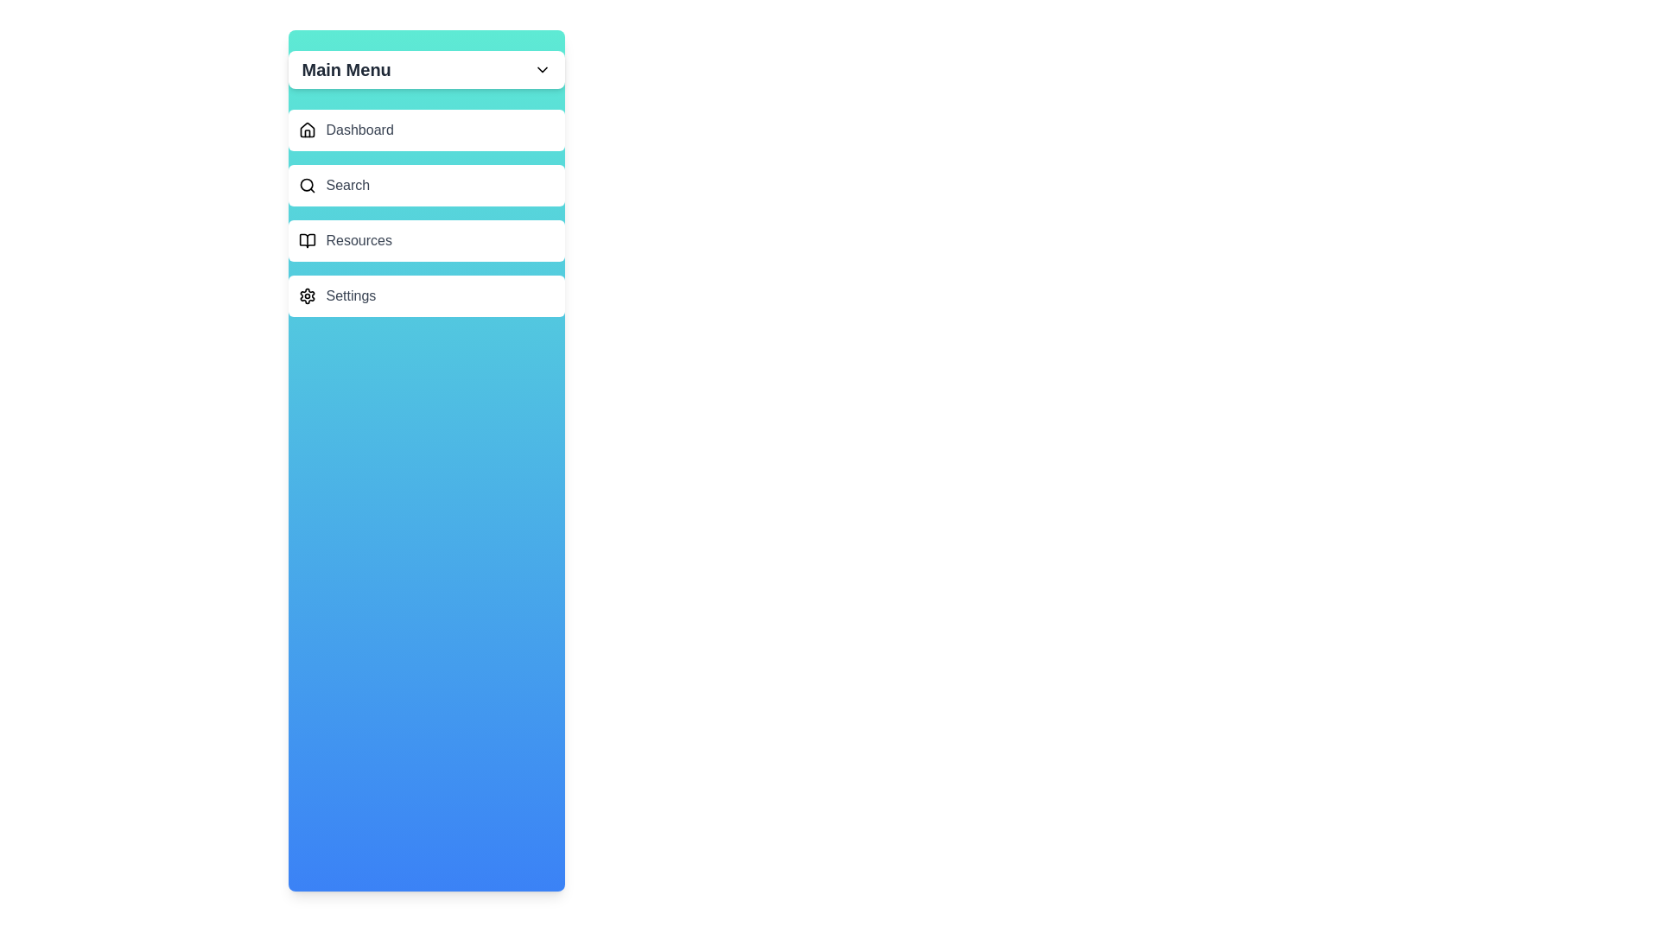 The height and width of the screenshot is (933, 1659). I want to click on the toggle button to toggle the menu visibility, so click(541, 69).